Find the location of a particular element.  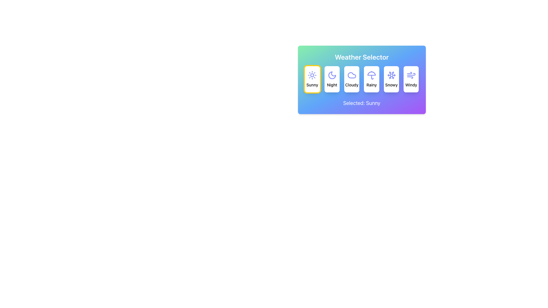

the 'Cloudy' button in the weather selection grid to trigger hover effects, located third from the left among six options is located at coordinates (351, 79).